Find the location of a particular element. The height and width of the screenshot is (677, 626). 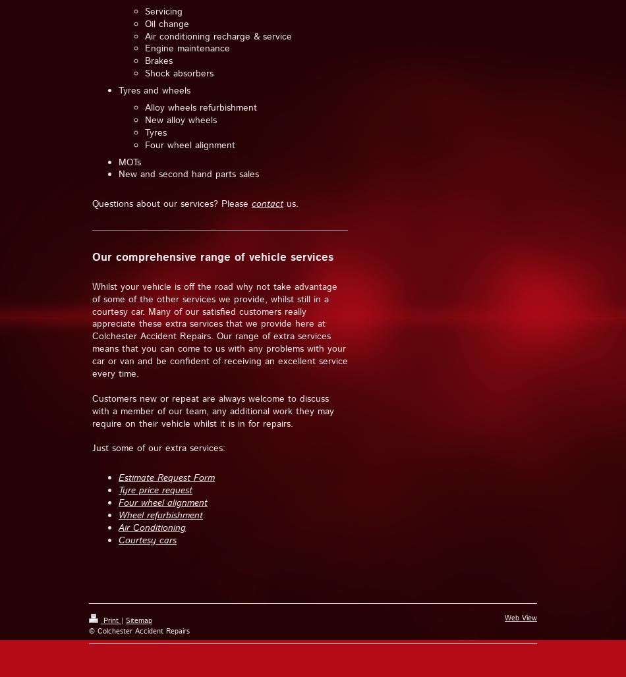

'Our comprehensive range of vehicle services' is located at coordinates (212, 257).